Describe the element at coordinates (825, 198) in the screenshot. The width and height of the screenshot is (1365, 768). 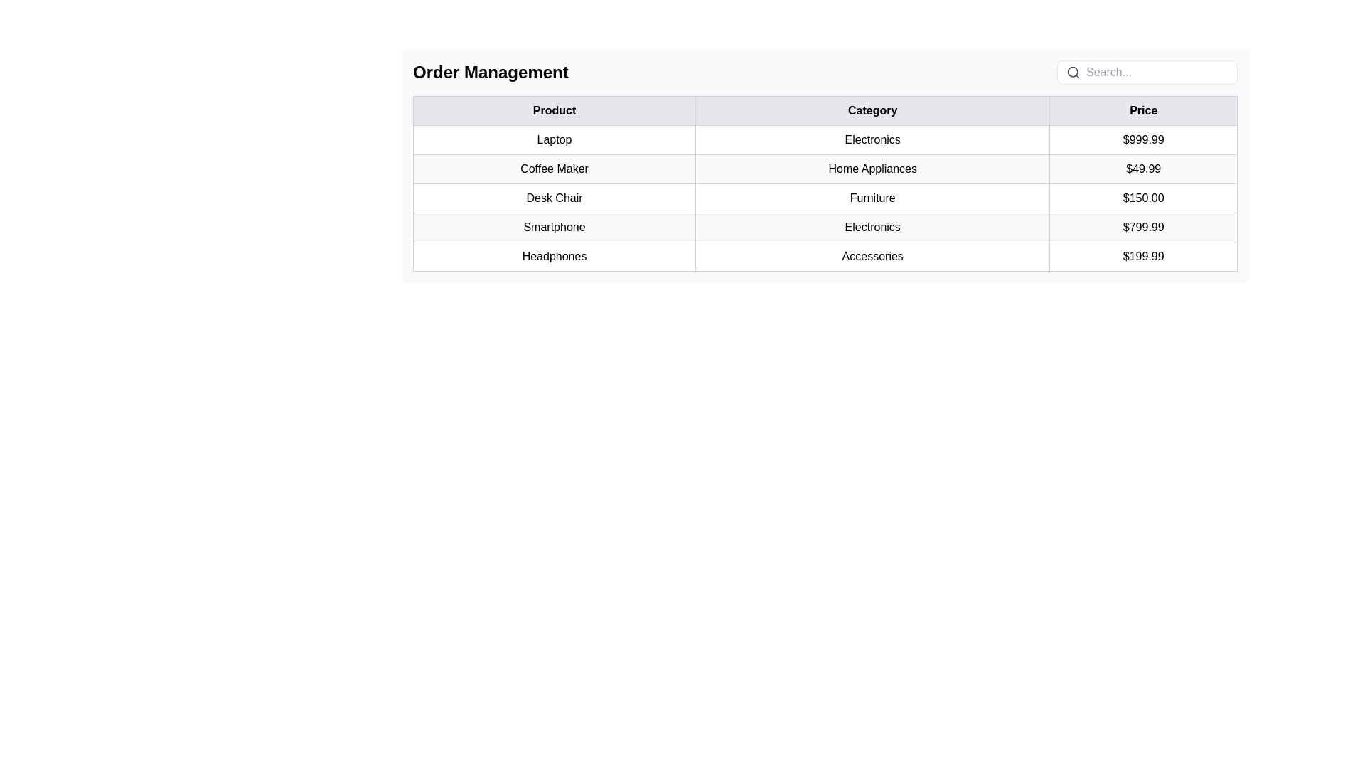
I see `the third table row containing the product name 'Desk Chair', category 'Furniture', and price '$150.00'` at that location.